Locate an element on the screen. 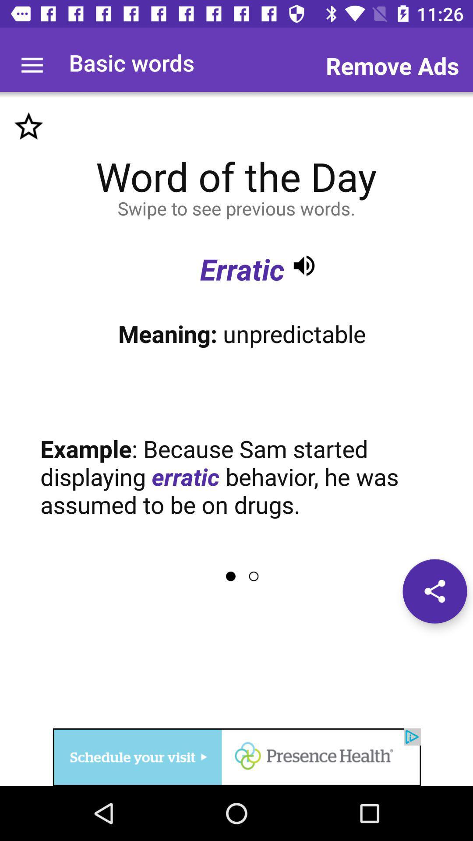 The width and height of the screenshot is (473, 841). the star icon is located at coordinates (28, 126).